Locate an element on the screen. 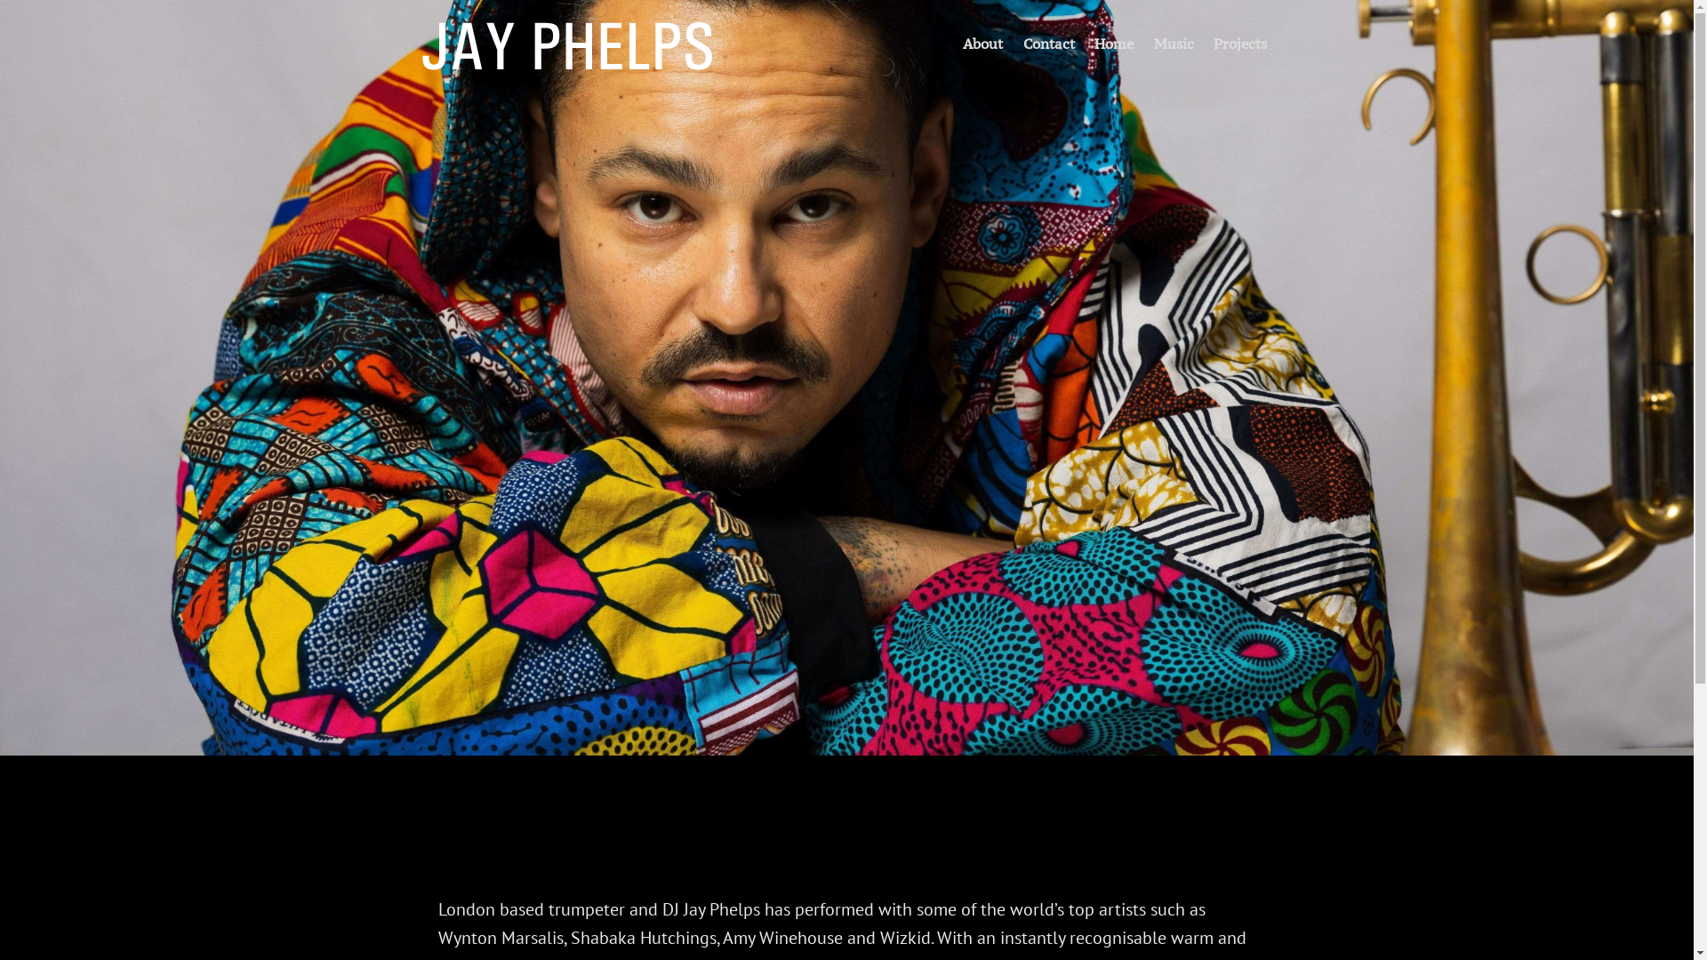 Image resolution: width=1707 pixels, height=960 pixels. 'Music' is located at coordinates (1174, 41).